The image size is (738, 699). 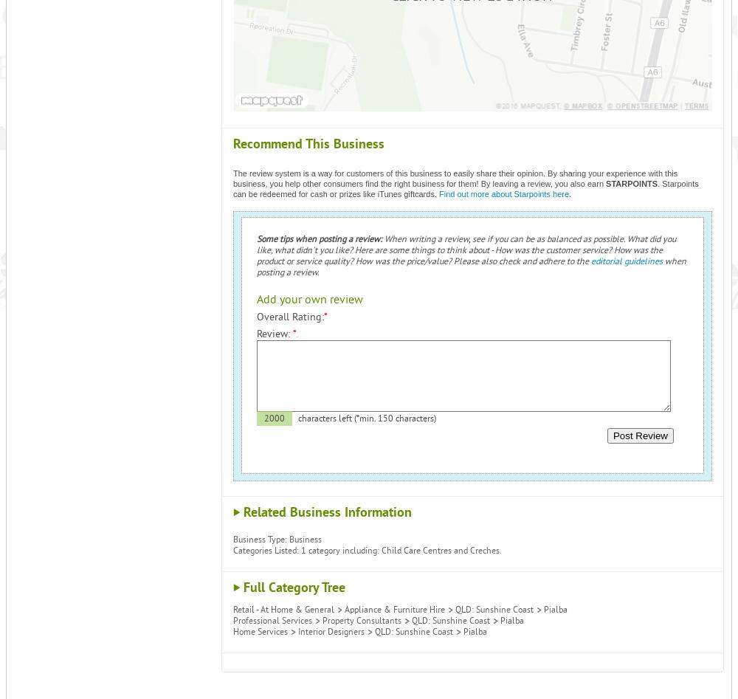 What do you see at coordinates (361, 621) in the screenshot?
I see `'Property Consultants'` at bounding box center [361, 621].